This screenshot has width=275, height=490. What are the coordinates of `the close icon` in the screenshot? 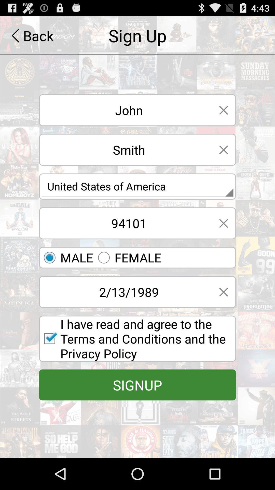 It's located at (223, 239).